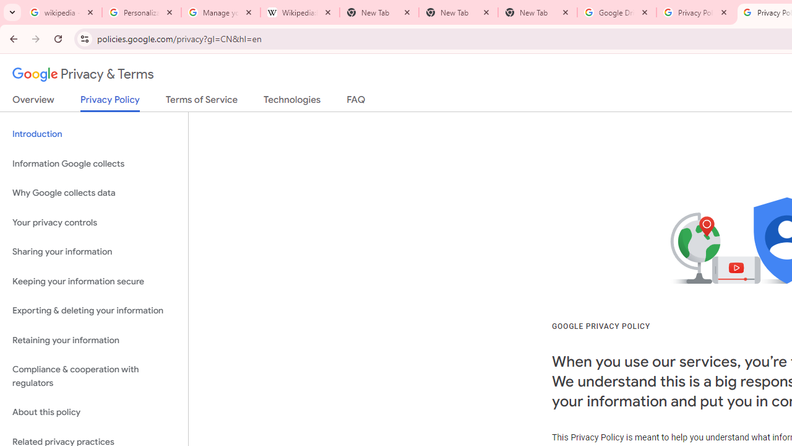 The image size is (792, 446). I want to click on 'Wikipedia:Edit requests - Wikipedia', so click(300, 12).